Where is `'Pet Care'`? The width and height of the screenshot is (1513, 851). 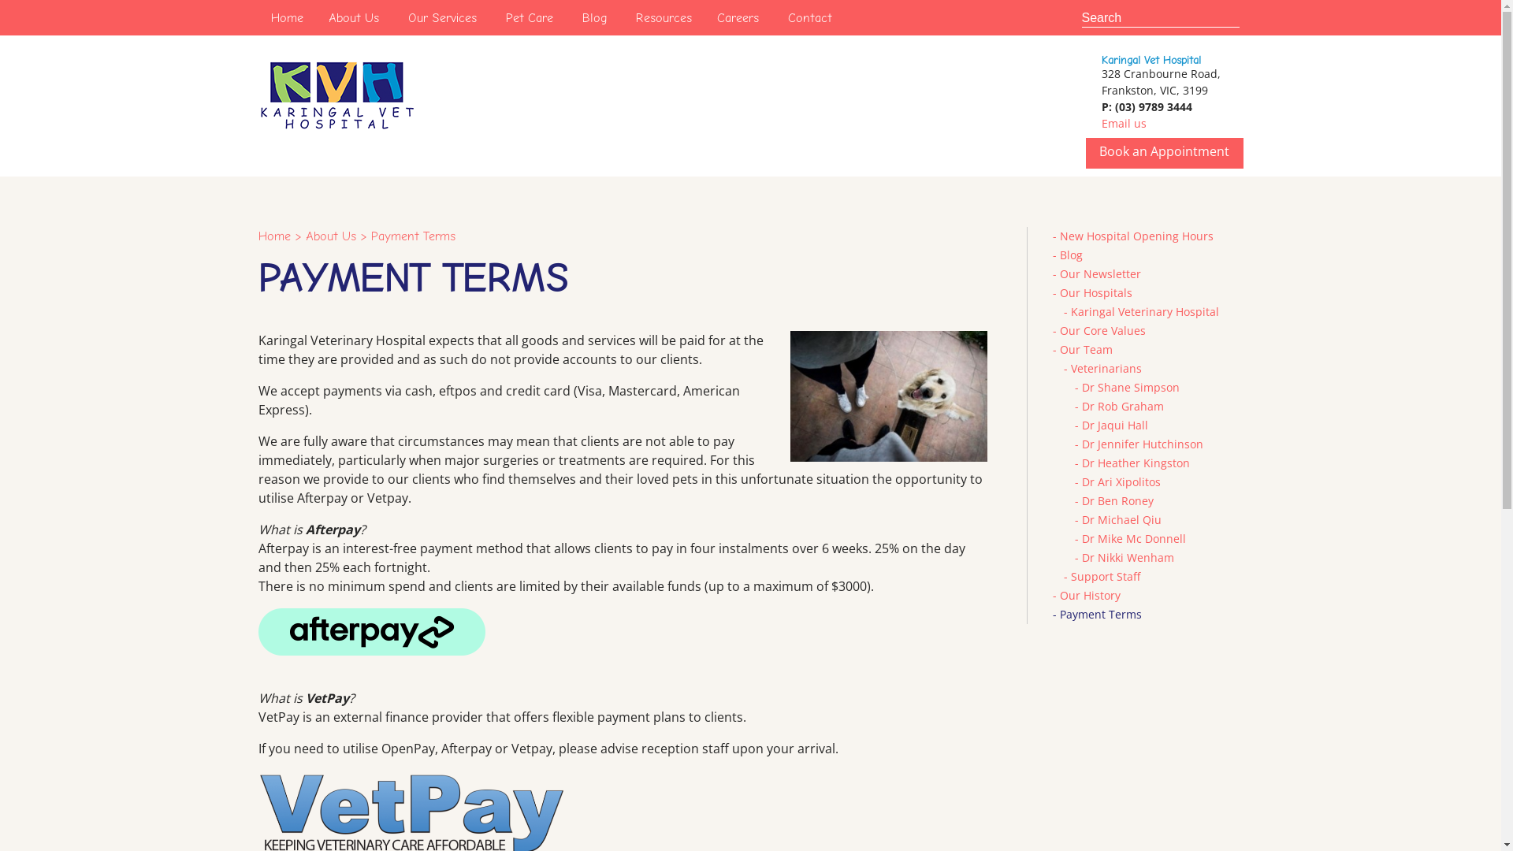 'Pet Care' is located at coordinates (530, 17).